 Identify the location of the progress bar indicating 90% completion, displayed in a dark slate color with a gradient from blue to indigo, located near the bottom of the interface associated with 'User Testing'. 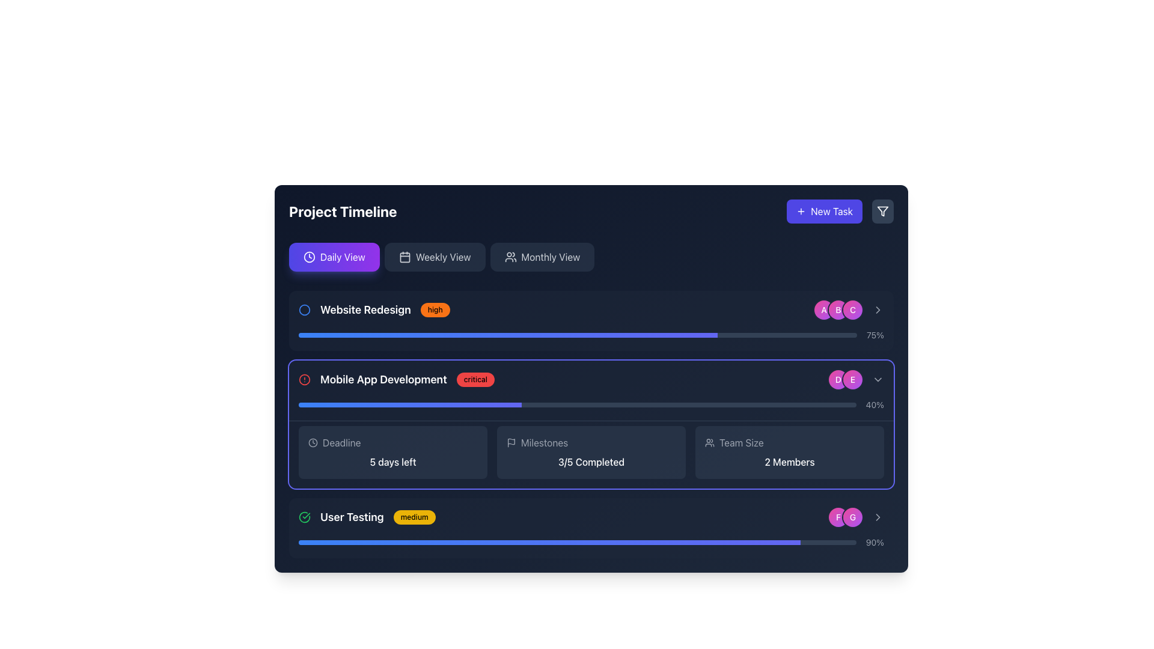
(577, 542).